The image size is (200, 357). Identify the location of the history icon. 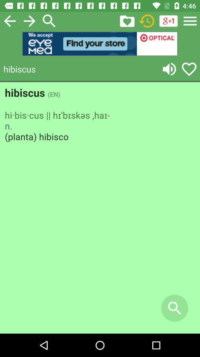
(147, 20).